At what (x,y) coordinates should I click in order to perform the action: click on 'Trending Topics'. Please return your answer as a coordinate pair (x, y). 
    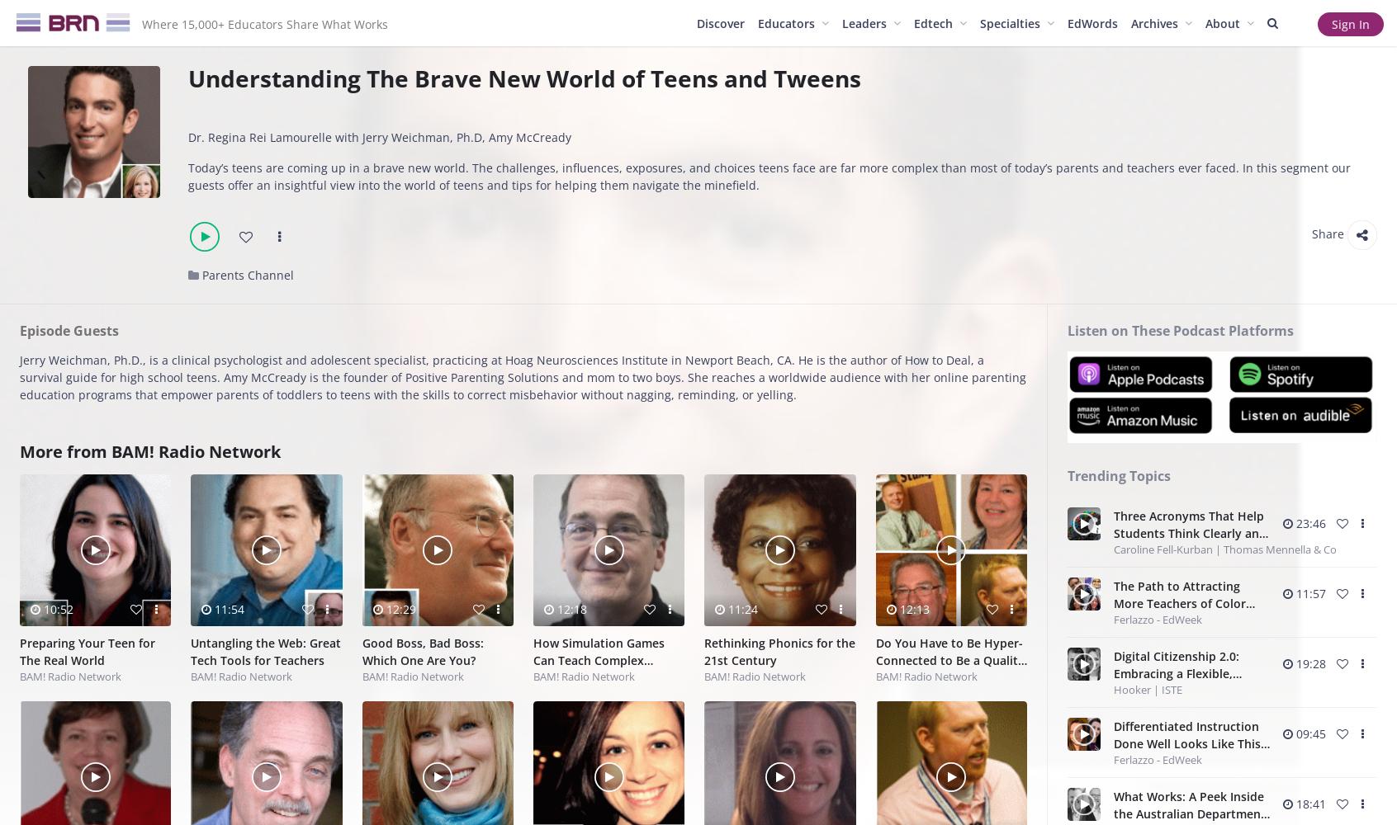
    Looking at the image, I should click on (1119, 475).